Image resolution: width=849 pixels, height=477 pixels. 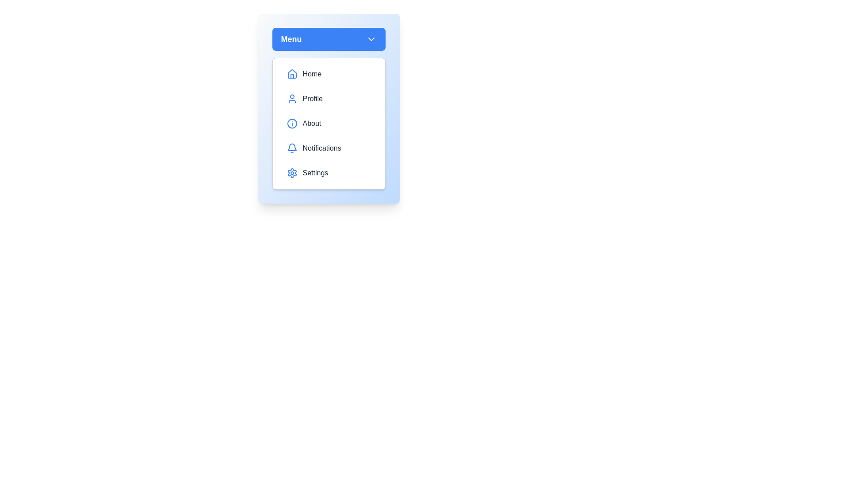 What do you see at coordinates (328, 148) in the screenshot?
I see `the menu option Notifications to highlight it` at bounding box center [328, 148].